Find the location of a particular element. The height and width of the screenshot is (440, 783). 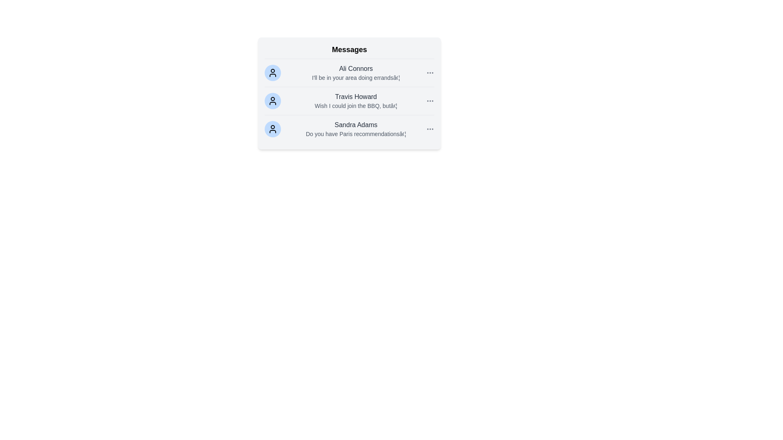

the Icon Button located at the far-right side of the row displaying a message from 'Sandra Adams' is located at coordinates (430, 128).